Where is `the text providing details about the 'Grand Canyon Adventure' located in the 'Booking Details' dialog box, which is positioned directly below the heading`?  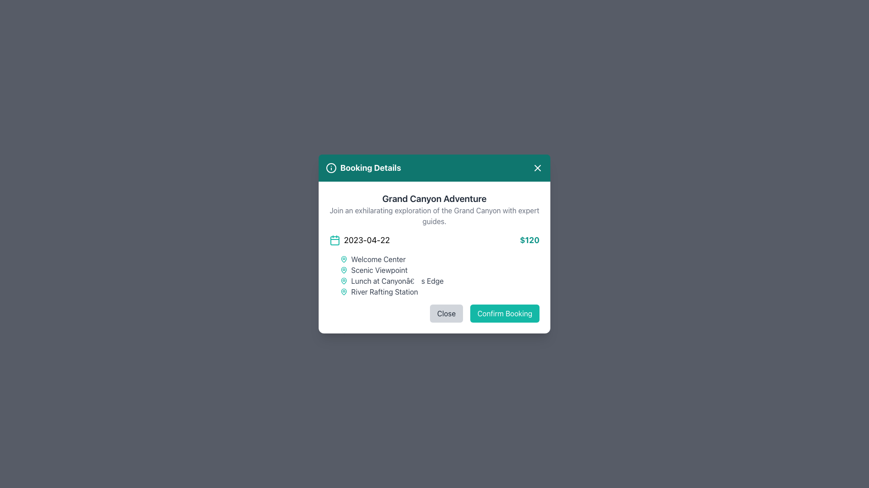 the text providing details about the 'Grand Canyon Adventure' located in the 'Booking Details' dialog box, which is positioned directly below the heading is located at coordinates (434, 216).